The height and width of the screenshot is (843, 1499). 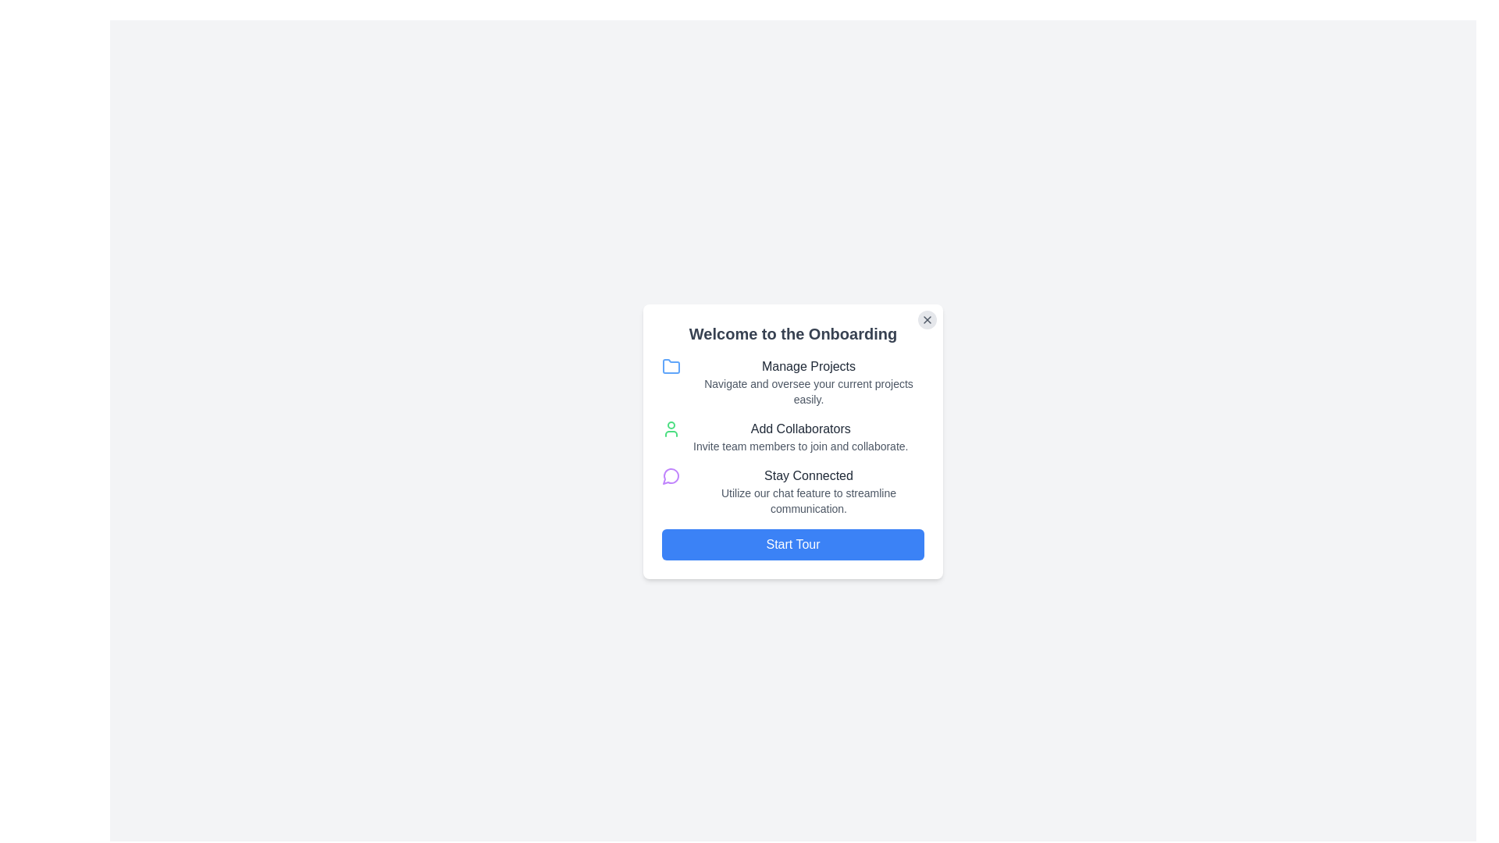 What do you see at coordinates (809, 382) in the screenshot?
I see `the Informational Header and Description element, which is centrally positioned within a card-like modal box, located above 'Add Collaborators' and below the title 'Welcome to the Onboarding'` at bounding box center [809, 382].